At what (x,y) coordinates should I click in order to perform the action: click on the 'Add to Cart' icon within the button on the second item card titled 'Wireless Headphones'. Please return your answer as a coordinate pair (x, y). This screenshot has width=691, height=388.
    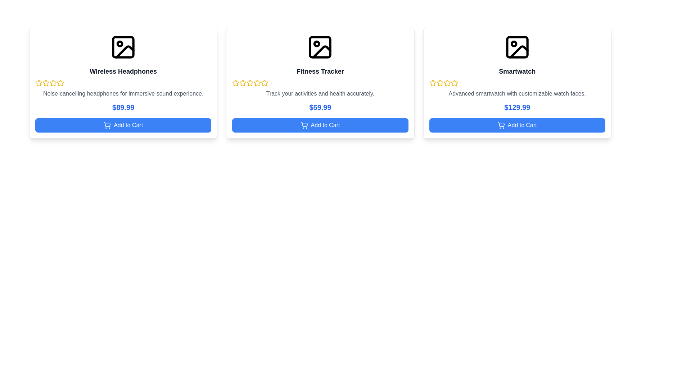
    Looking at the image, I should click on (107, 124).